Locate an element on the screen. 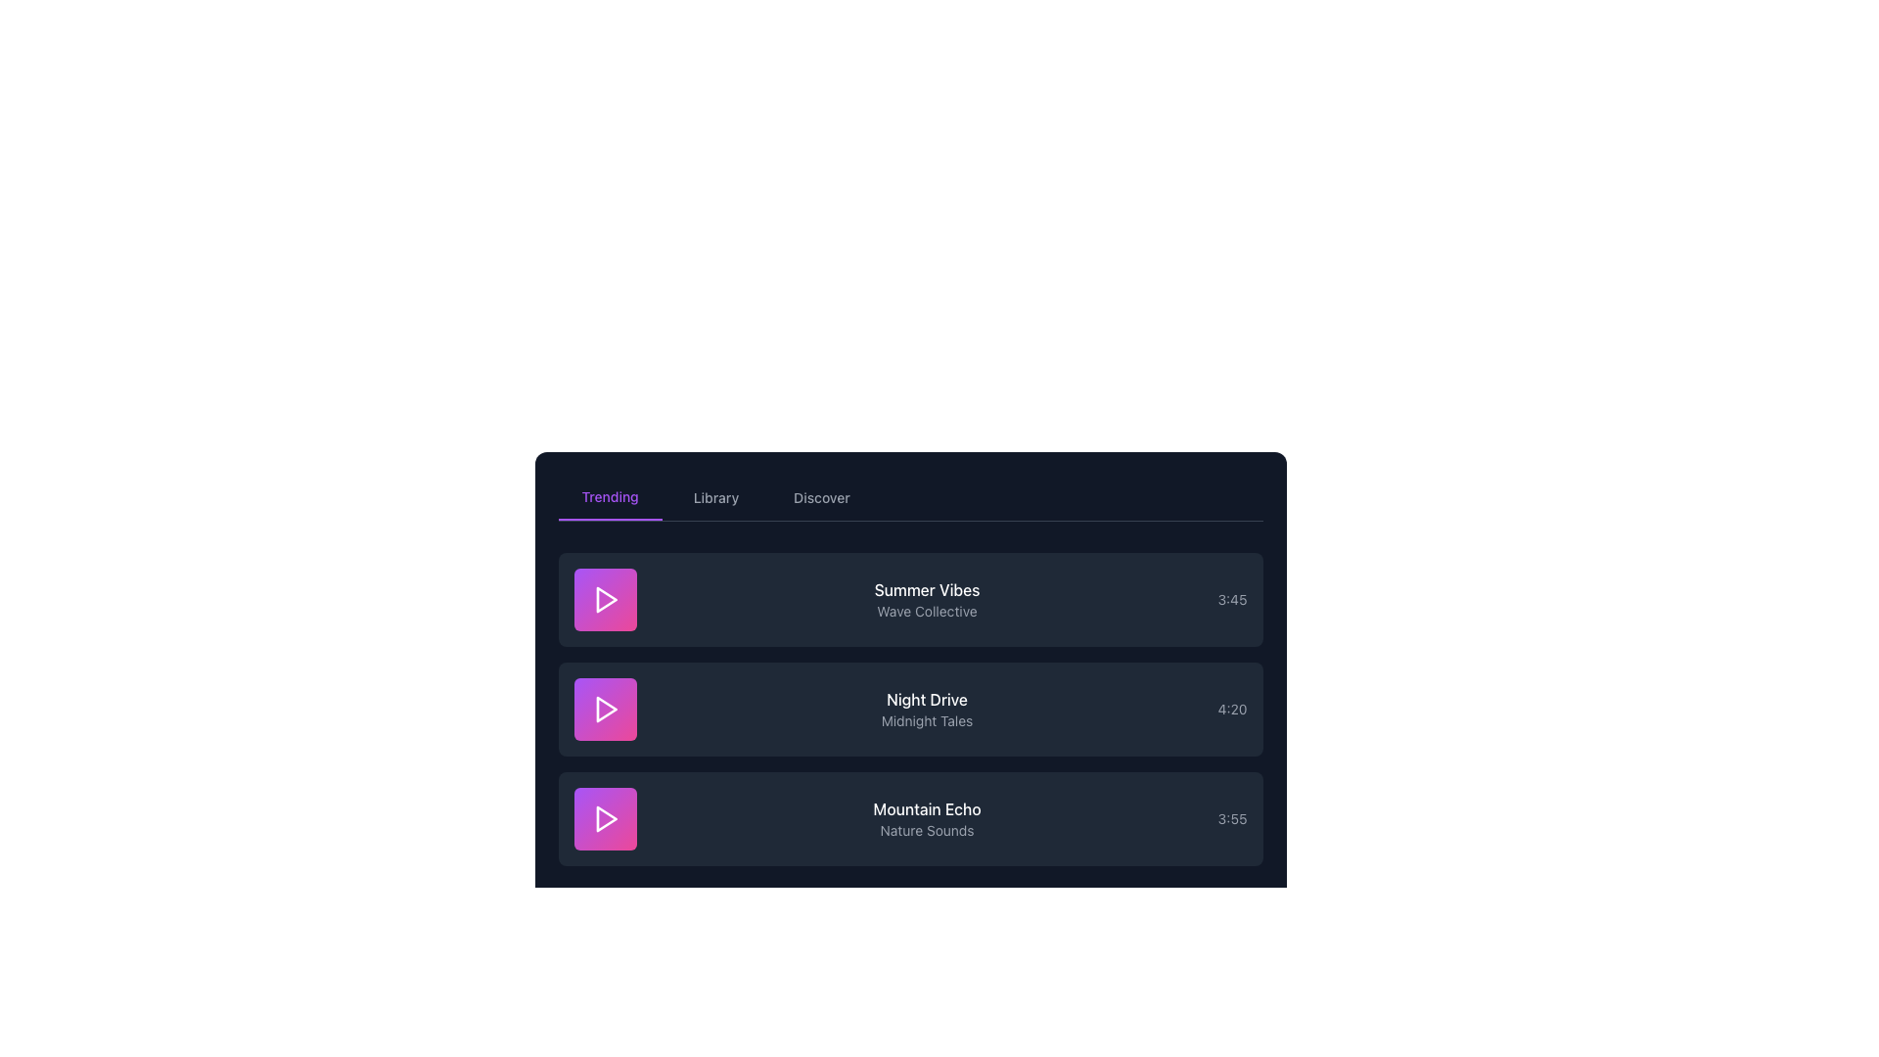 This screenshot has height=1057, width=1879. the text label indicating the name of a song or audio track, which is positioned above 'Midnight Tales' in a playlist interface is located at coordinates (926, 698).